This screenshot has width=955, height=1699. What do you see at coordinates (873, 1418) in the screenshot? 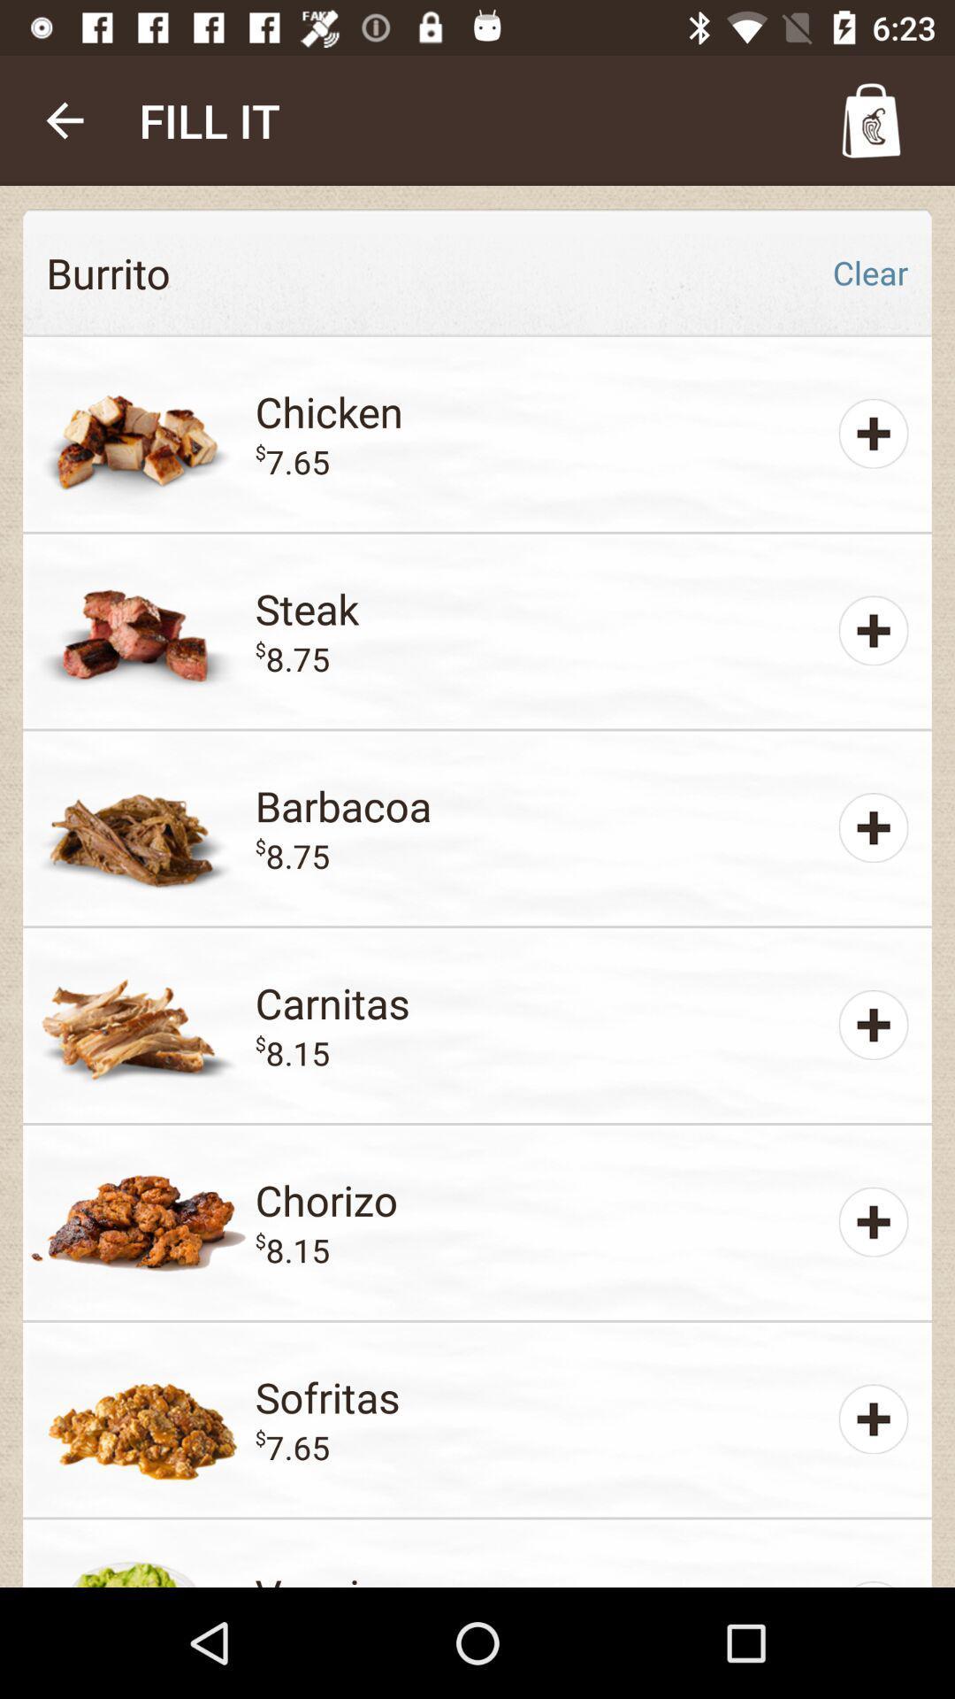
I see `plus button of last option under burrito` at bounding box center [873, 1418].